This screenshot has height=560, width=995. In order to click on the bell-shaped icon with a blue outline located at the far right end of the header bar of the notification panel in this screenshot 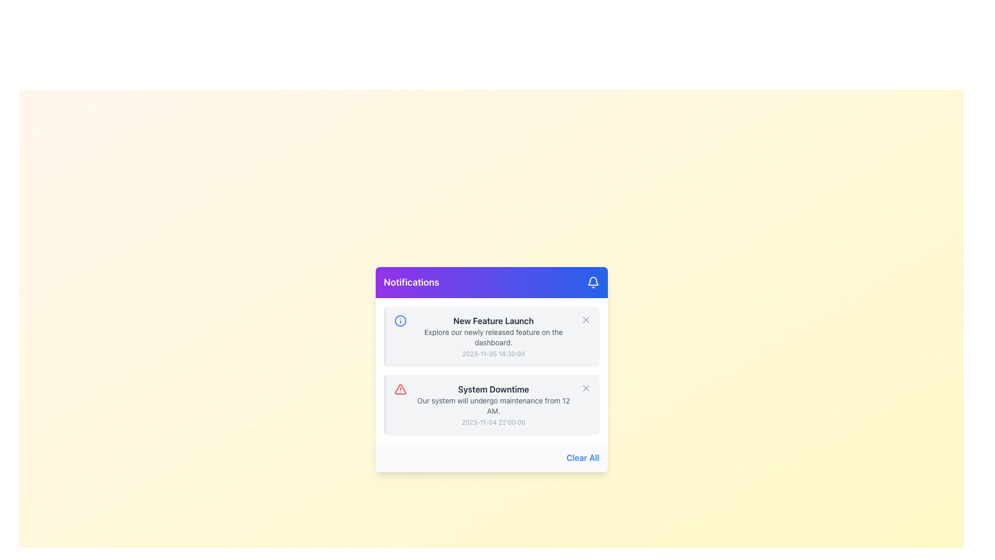, I will do `click(593, 282)`.